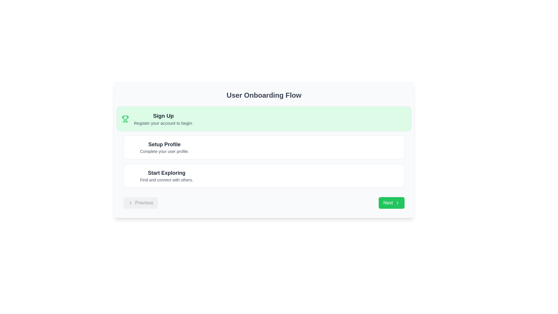 The width and height of the screenshot is (558, 314). I want to click on the text label that provides additional information about the 'Start Exploring' feature, located directly beneath the 'Start Exploring' heading, so click(166, 179).